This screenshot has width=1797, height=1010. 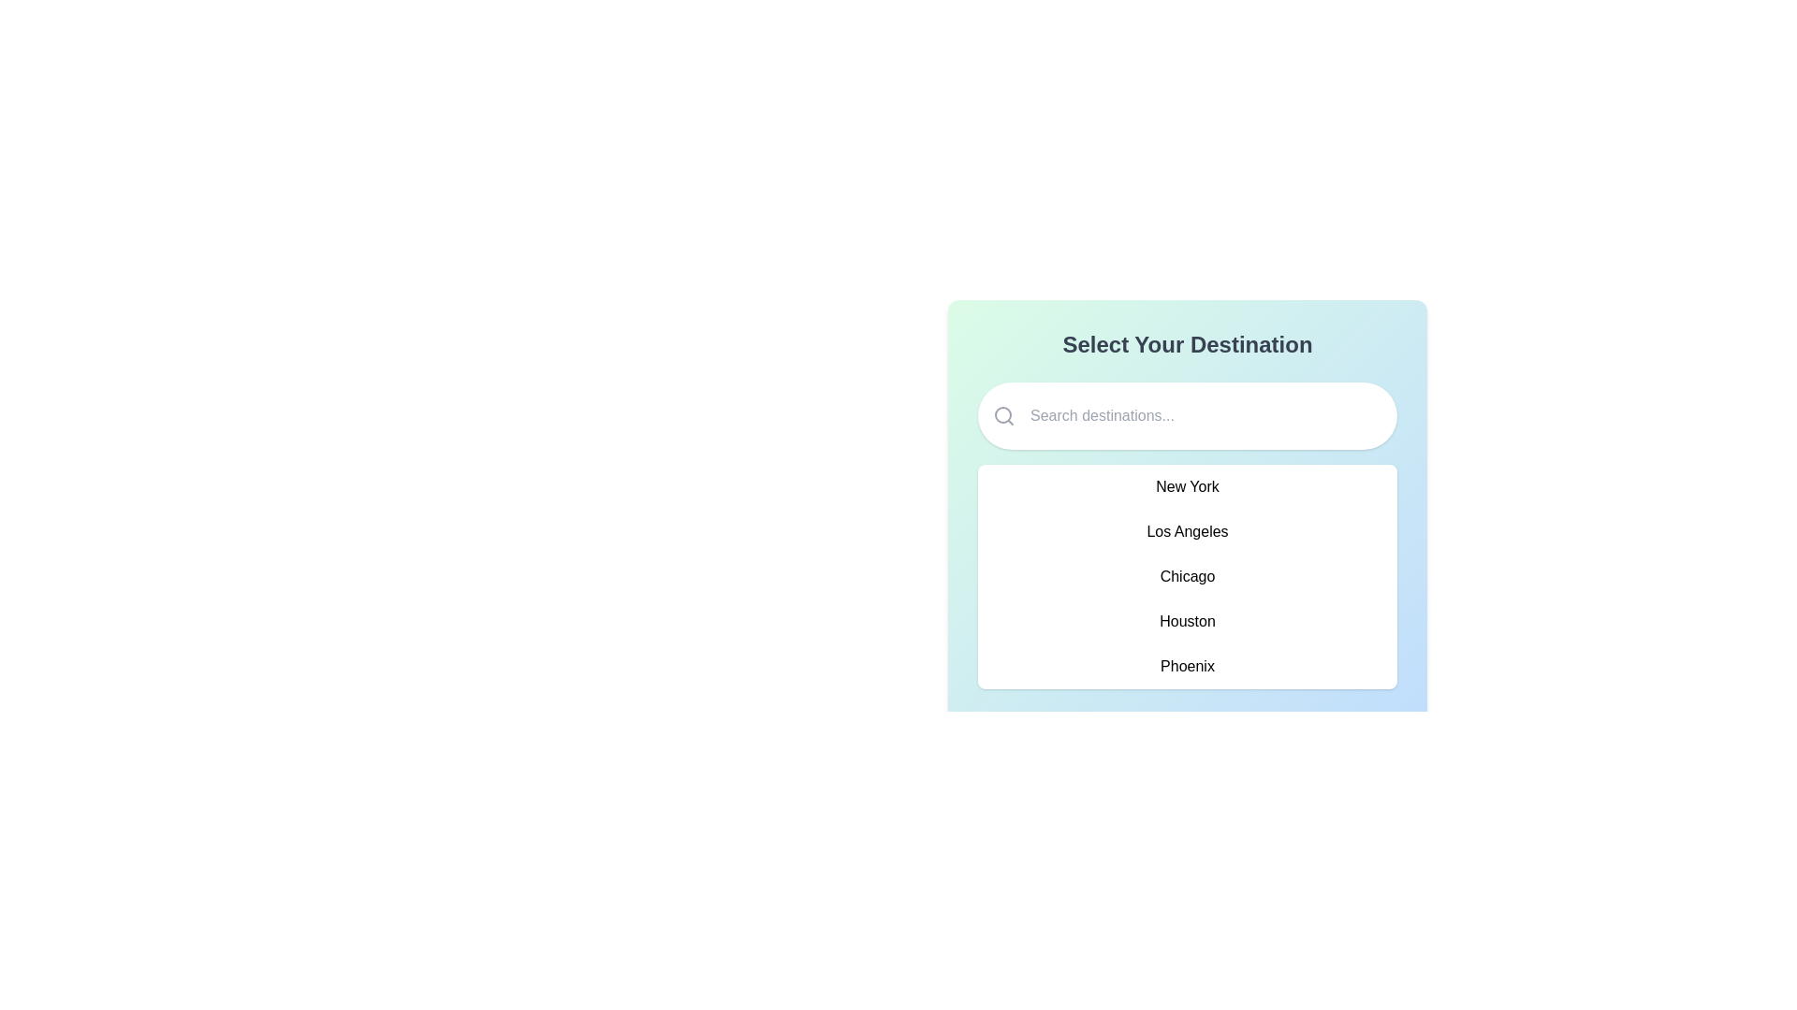 I want to click on the 'Los Angeles' option within the dropdown menu, so click(x=1186, y=540).